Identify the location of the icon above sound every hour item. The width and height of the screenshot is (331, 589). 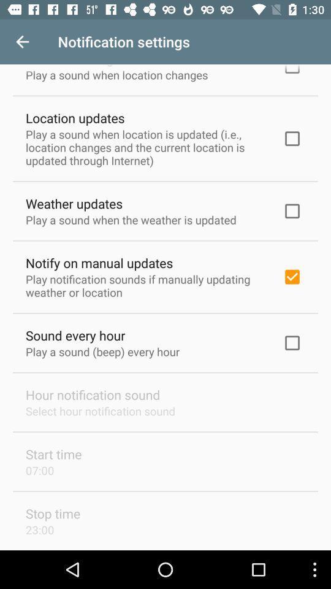
(146, 285).